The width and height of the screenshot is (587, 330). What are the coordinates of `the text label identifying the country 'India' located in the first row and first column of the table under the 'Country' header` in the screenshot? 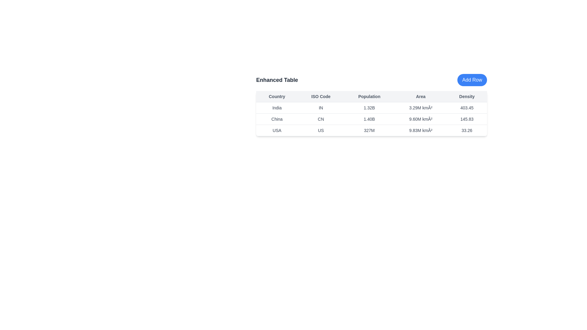 It's located at (277, 108).